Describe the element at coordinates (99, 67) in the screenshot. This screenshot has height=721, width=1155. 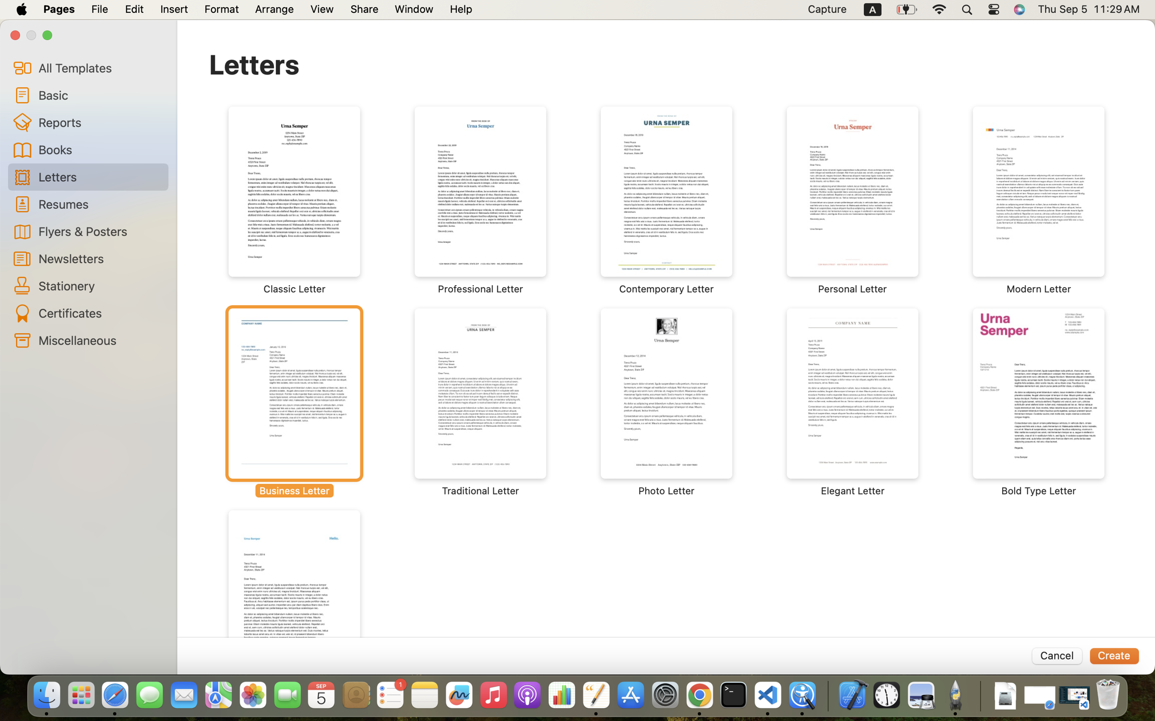
I see `'All Templates'` at that location.